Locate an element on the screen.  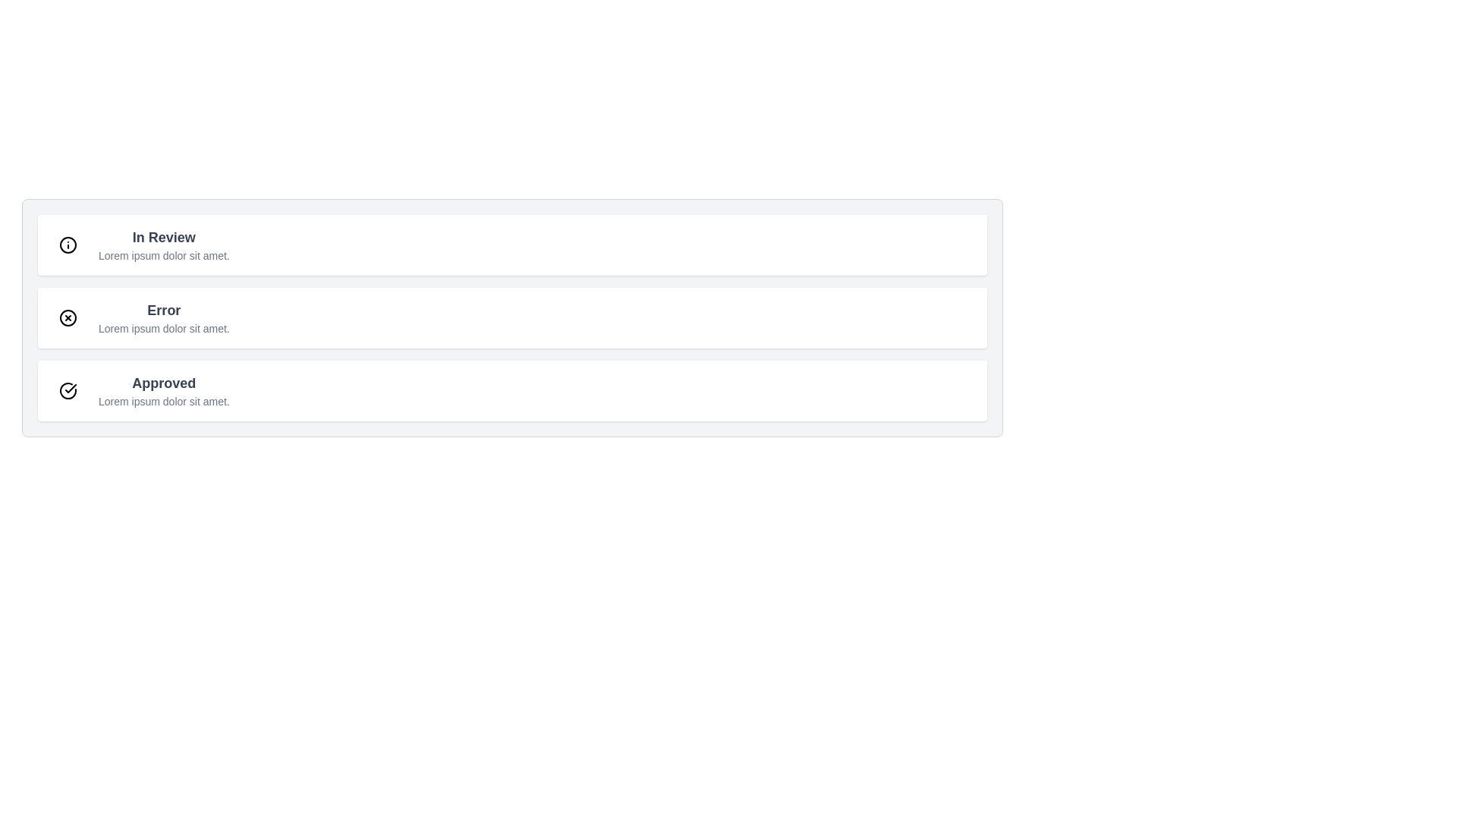
the circular icon with a check mark inside, which is located in the green square area, adjacent to the 'Approved' label and beneath the 'Error' section, indicating success or approval is located at coordinates (68, 390).